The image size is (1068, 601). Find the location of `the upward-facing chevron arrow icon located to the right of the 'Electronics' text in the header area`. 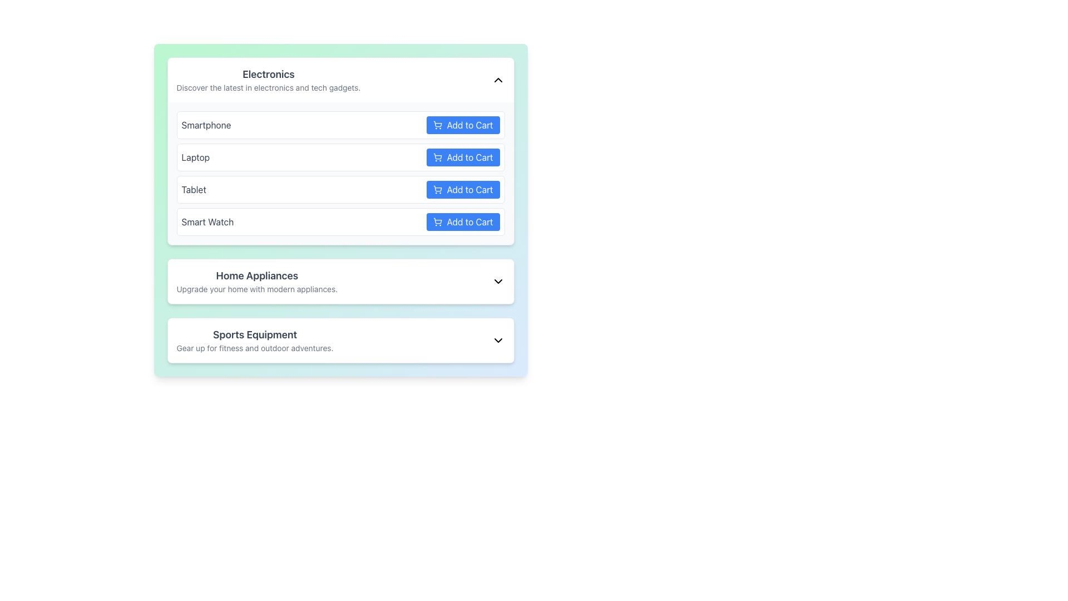

the upward-facing chevron arrow icon located to the right of the 'Electronics' text in the header area is located at coordinates (497, 79).